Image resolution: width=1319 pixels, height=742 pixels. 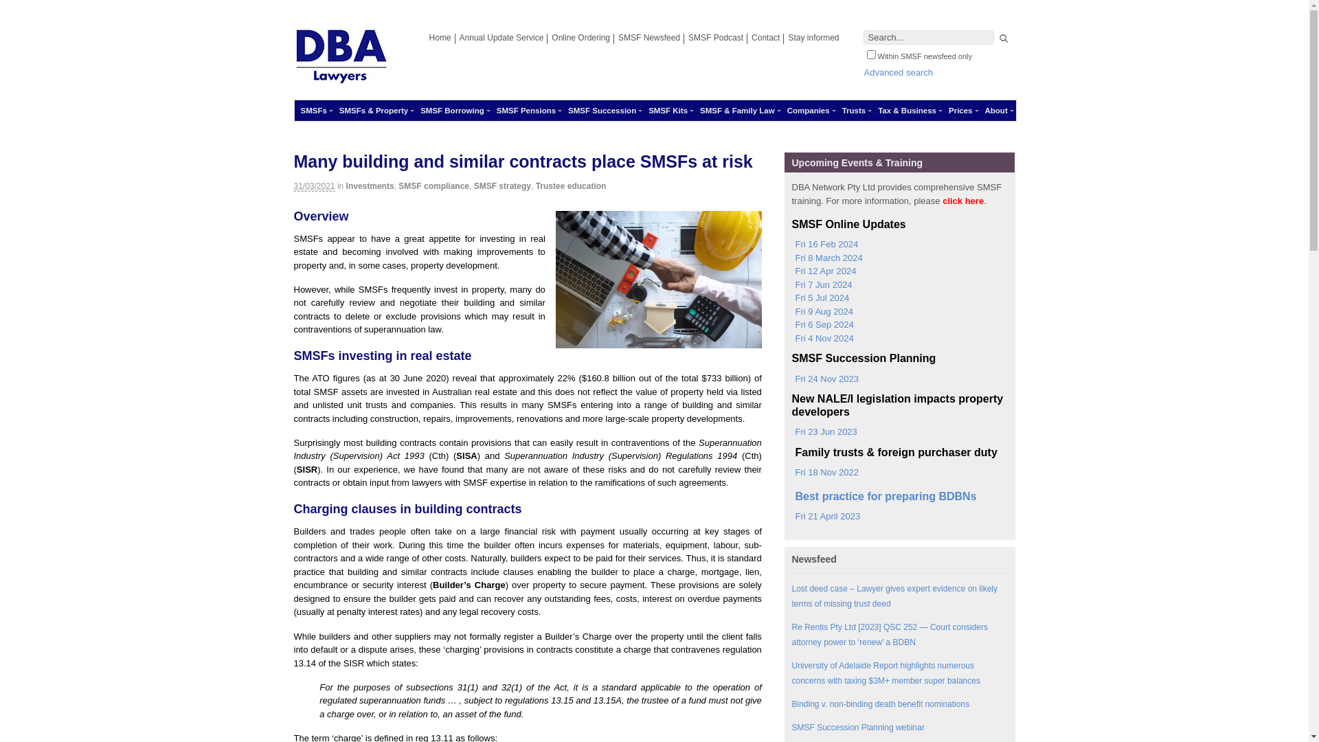 I want to click on 'Companies', so click(x=808, y=110).